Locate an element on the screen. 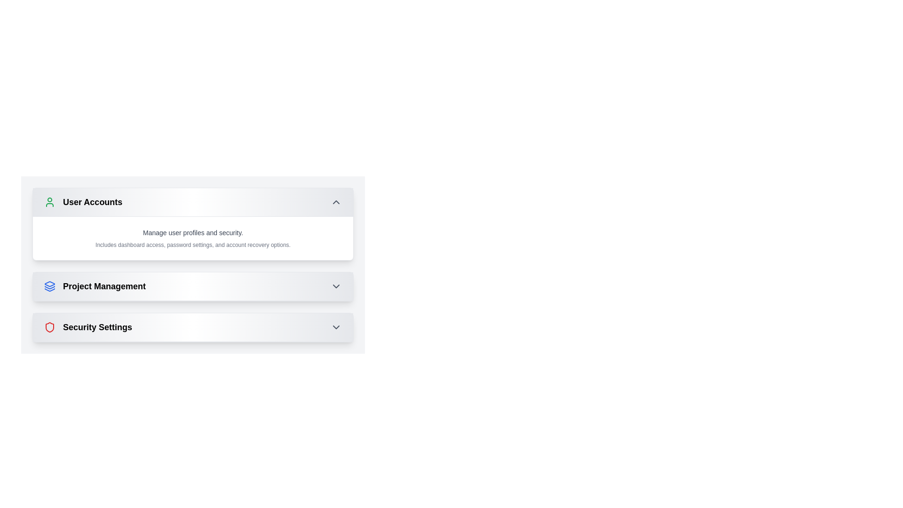  text label that serves as the section title for 'Security Settings', located below 'Project Management' and aligned with its shield-shaped icon is located at coordinates (97, 326).